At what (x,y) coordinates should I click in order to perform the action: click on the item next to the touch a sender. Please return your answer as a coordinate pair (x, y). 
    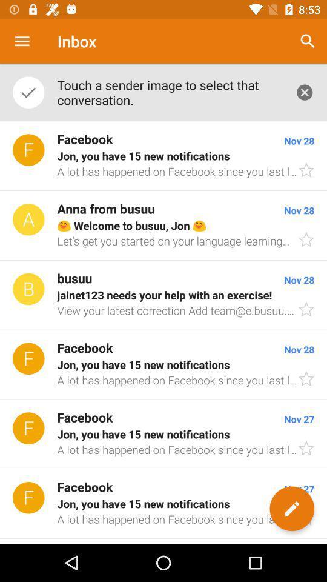
    Looking at the image, I should click on (308, 41).